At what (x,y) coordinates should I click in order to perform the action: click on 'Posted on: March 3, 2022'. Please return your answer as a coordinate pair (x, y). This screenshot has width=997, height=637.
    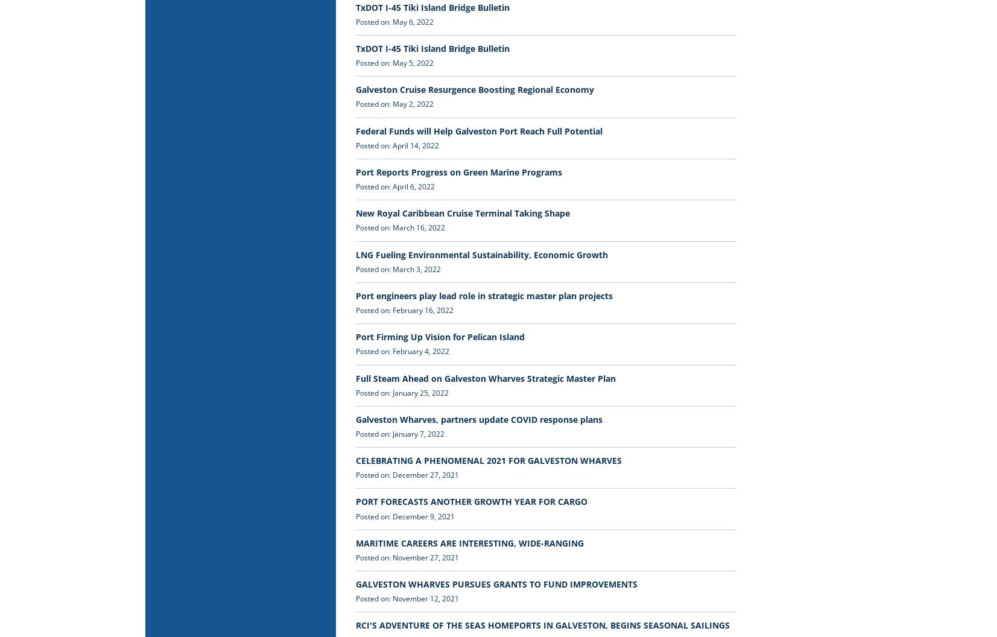
    Looking at the image, I should click on (397, 268).